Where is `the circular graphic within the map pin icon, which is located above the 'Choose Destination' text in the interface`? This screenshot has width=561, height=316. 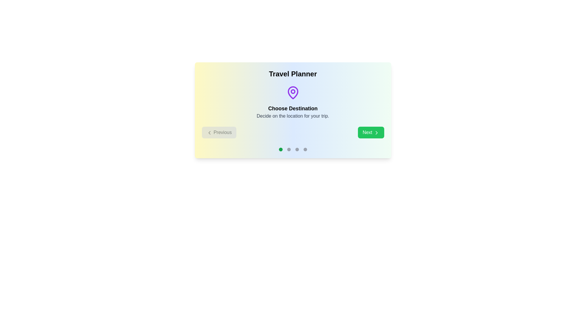
the circular graphic within the map pin icon, which is located above the 'Choose Destination' text in the interface is located at coordinates (293, 91).